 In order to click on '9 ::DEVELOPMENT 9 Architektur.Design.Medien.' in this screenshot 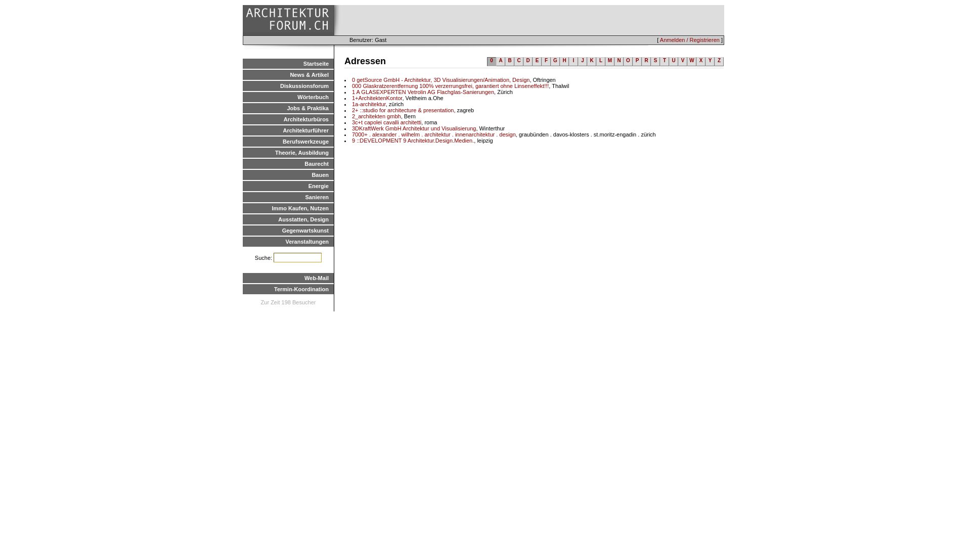, I will do `click(413, 140)`.